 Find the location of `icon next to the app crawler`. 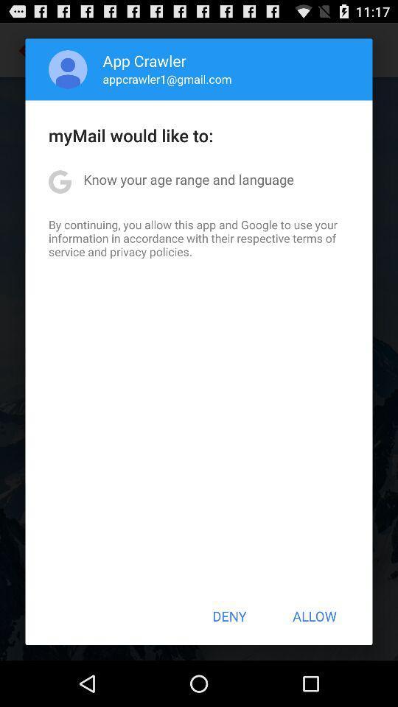

icon next to the app crawler is located at coordinates (67, 69).